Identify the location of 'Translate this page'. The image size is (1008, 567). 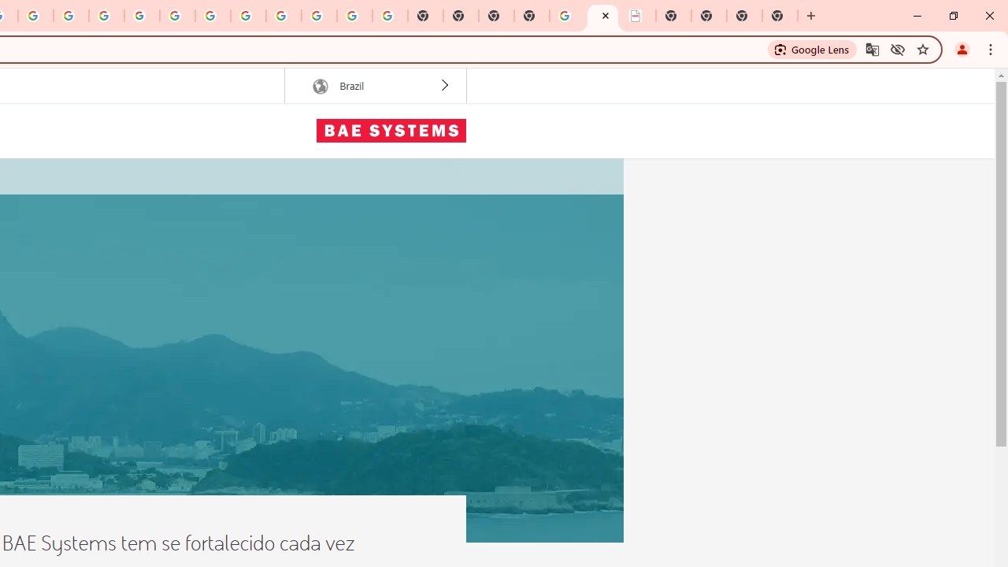
(871, 48).